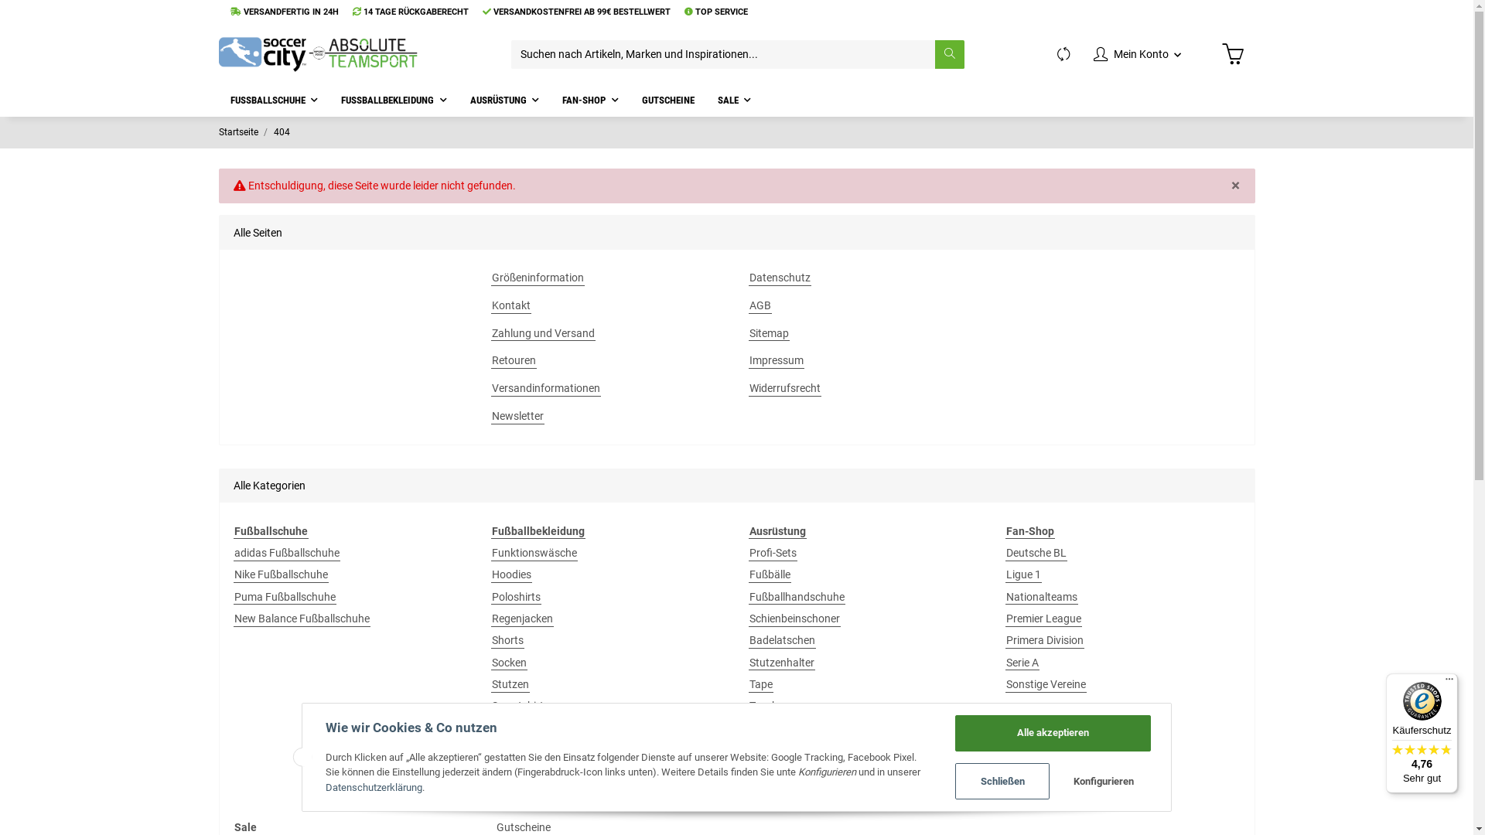  What do you see at coordinates (511, 574) in the screenshot?
I see `'Hoodies'` at bounding box center [511, 574].